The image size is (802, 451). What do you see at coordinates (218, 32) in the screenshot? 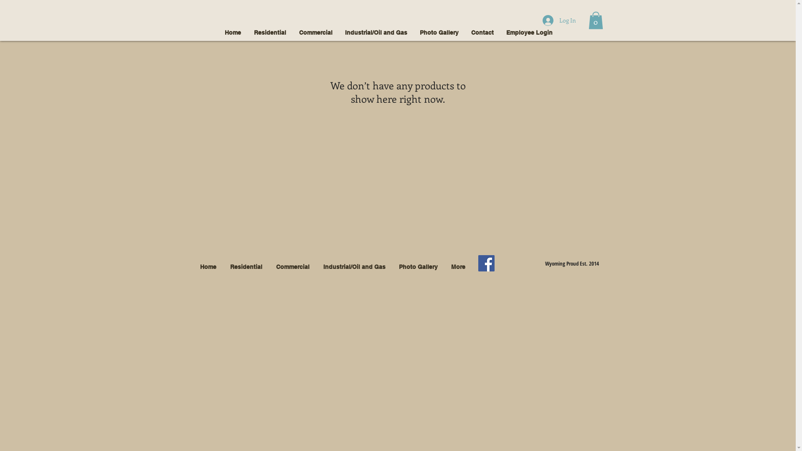
I see `'Home'` at bounding box center [218, 32].